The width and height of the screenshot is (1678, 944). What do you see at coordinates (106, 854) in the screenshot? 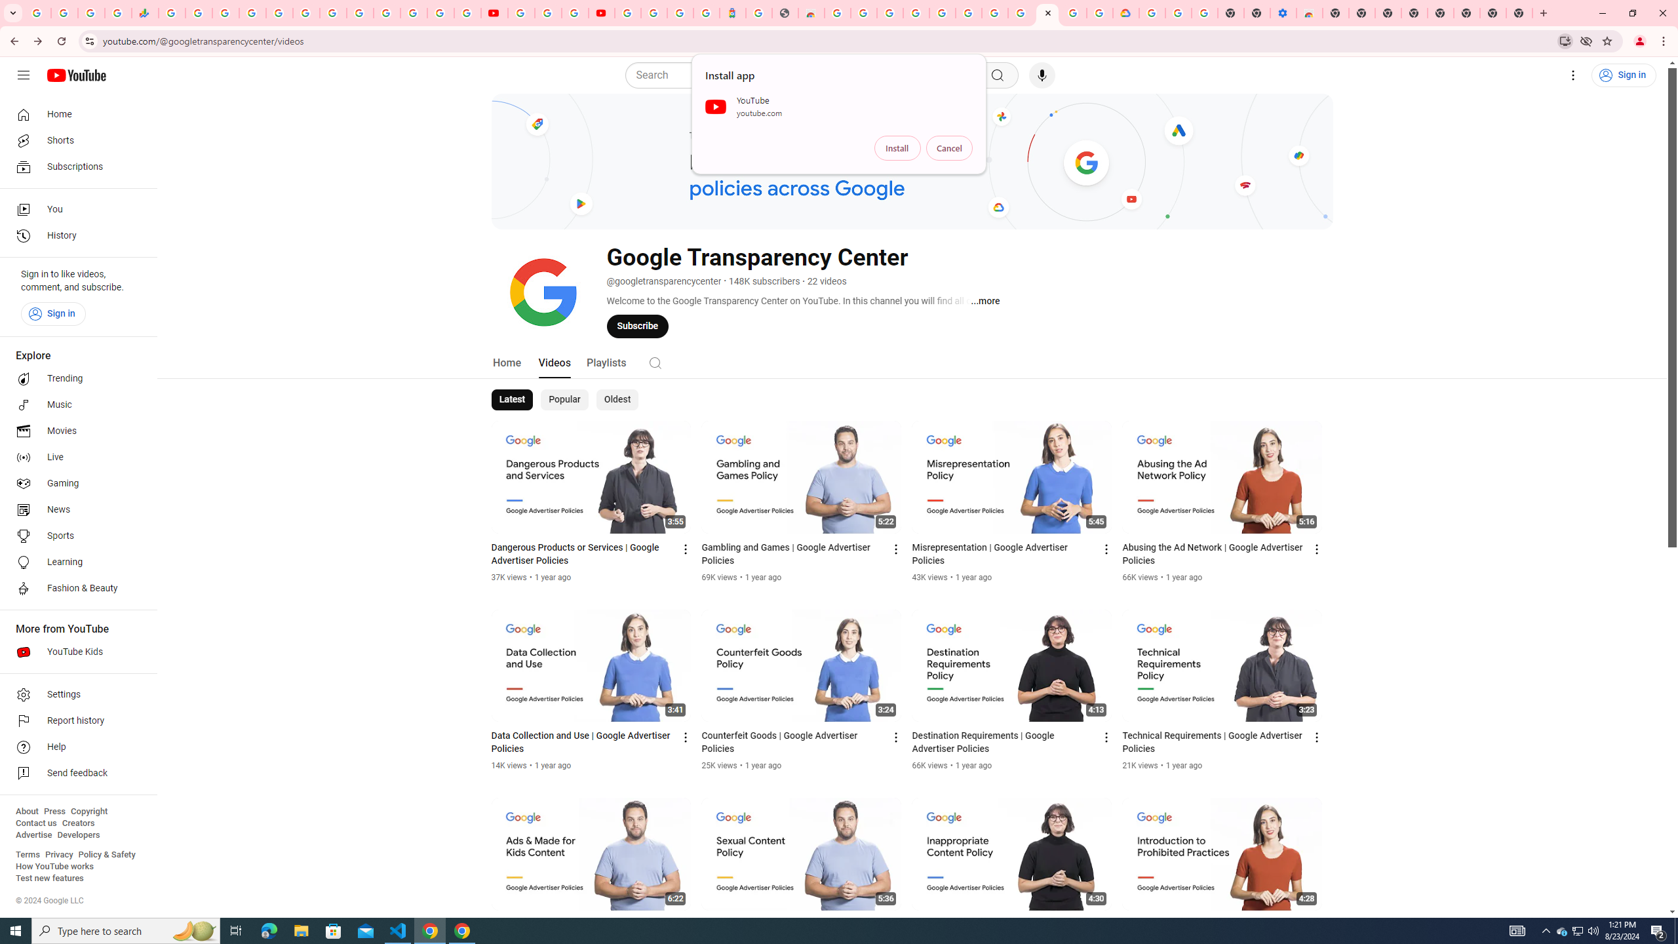
I see `'Policy & Safety'` at bounding box center [106, 854].